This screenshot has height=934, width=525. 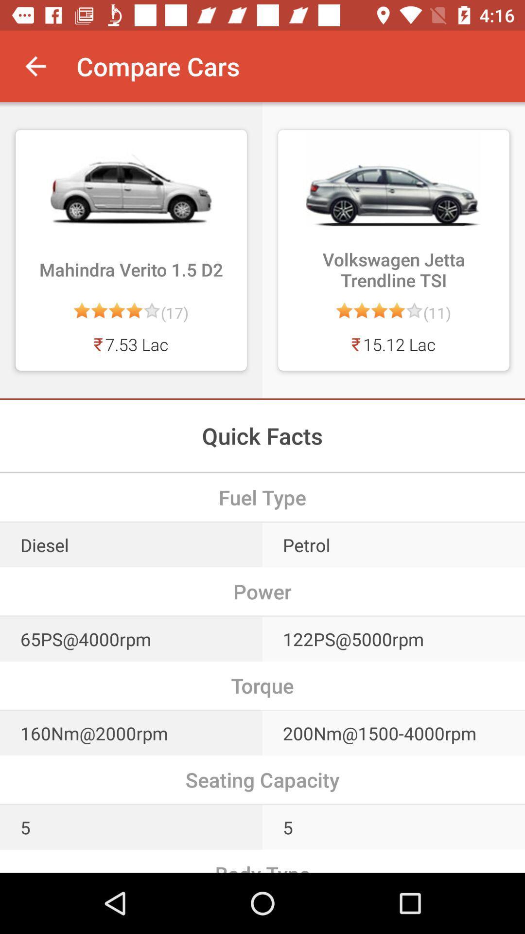 What do you see at coordinates (35, 66) in the screenshot?
I see `item to the left of the compare cars` at bounding box center [35, 66].